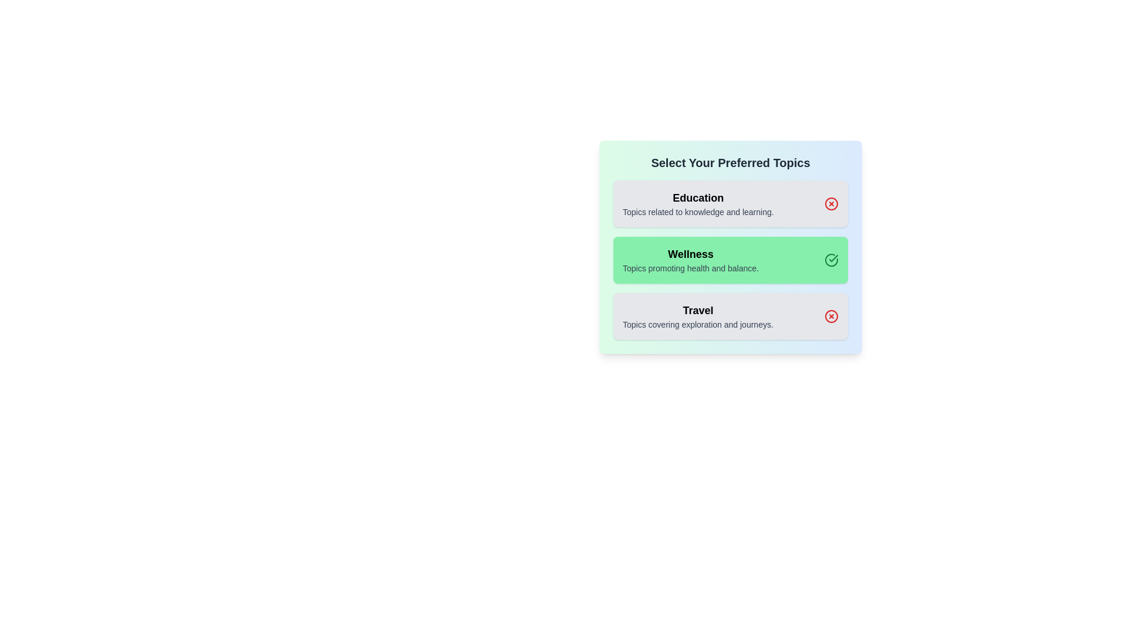  I want to click on the panel corresponding to the topic Education, so click(730, 203).